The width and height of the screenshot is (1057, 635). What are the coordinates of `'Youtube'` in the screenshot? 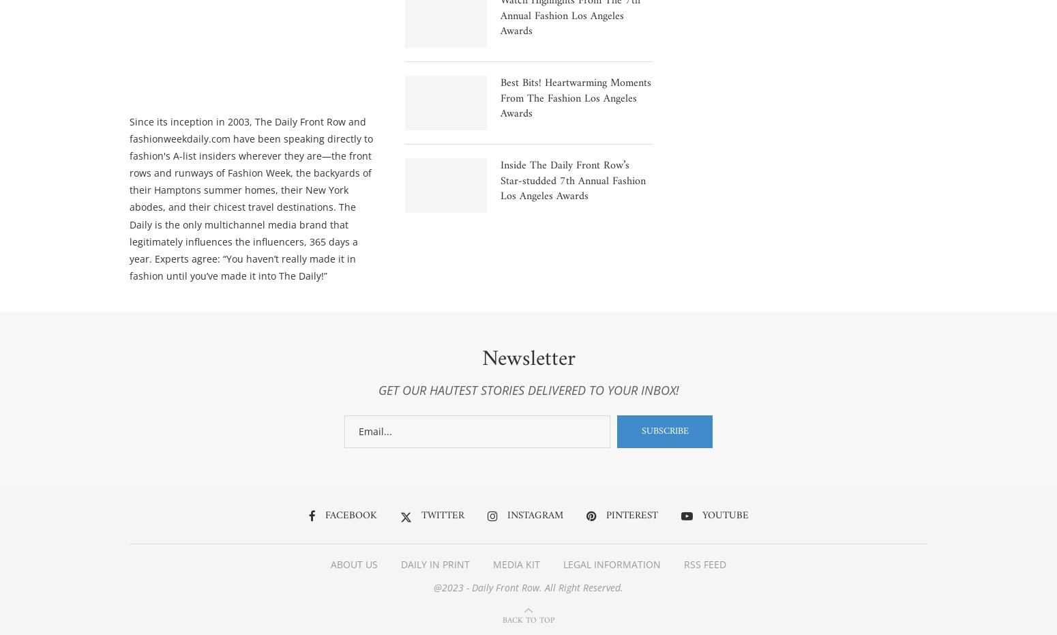 It's located at (702, 518).